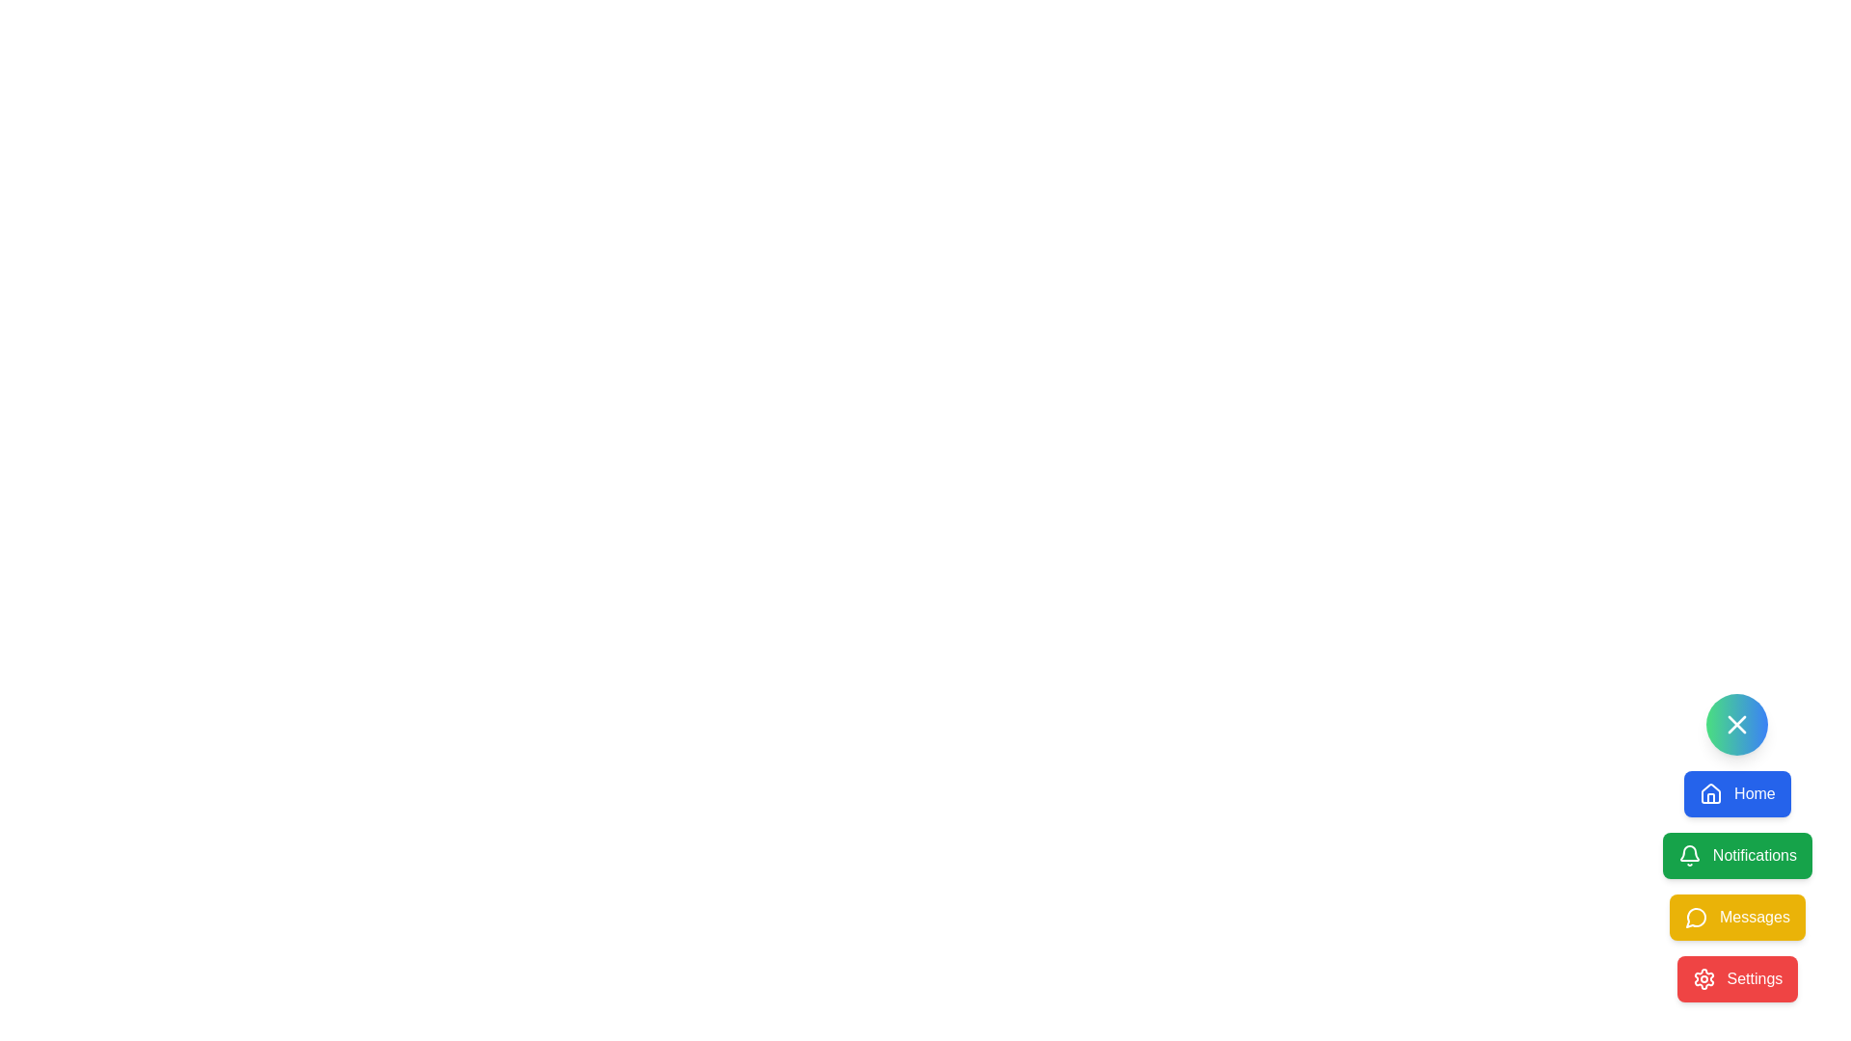  I want to click on the 'Settings' button, which is a horizontally elongated button with a red background and white text, located at the bottom of the vertical stack of buttons on the right side of the interface, so click(1737, 978).